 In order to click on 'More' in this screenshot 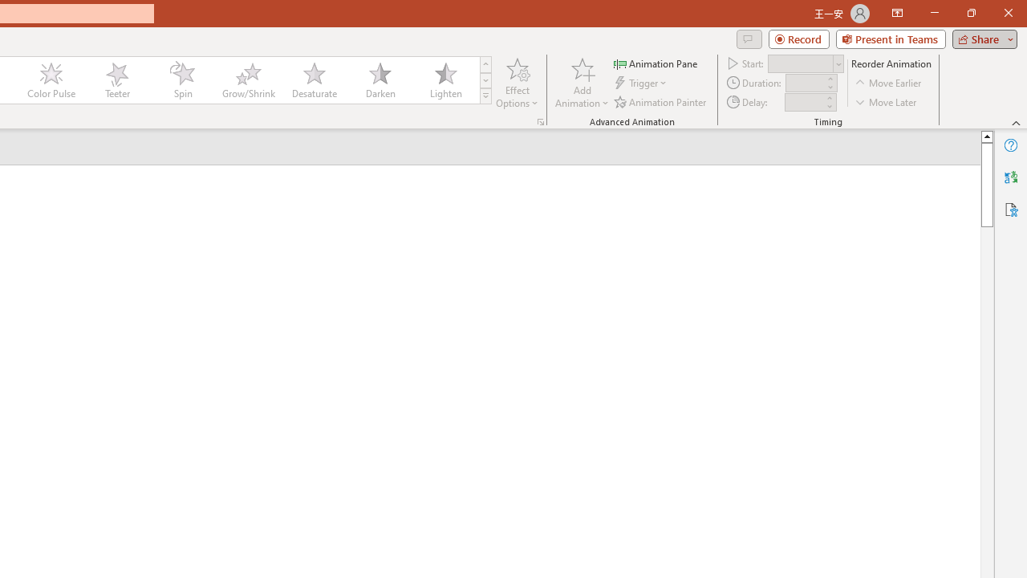, I will do `click(829, 97)`.